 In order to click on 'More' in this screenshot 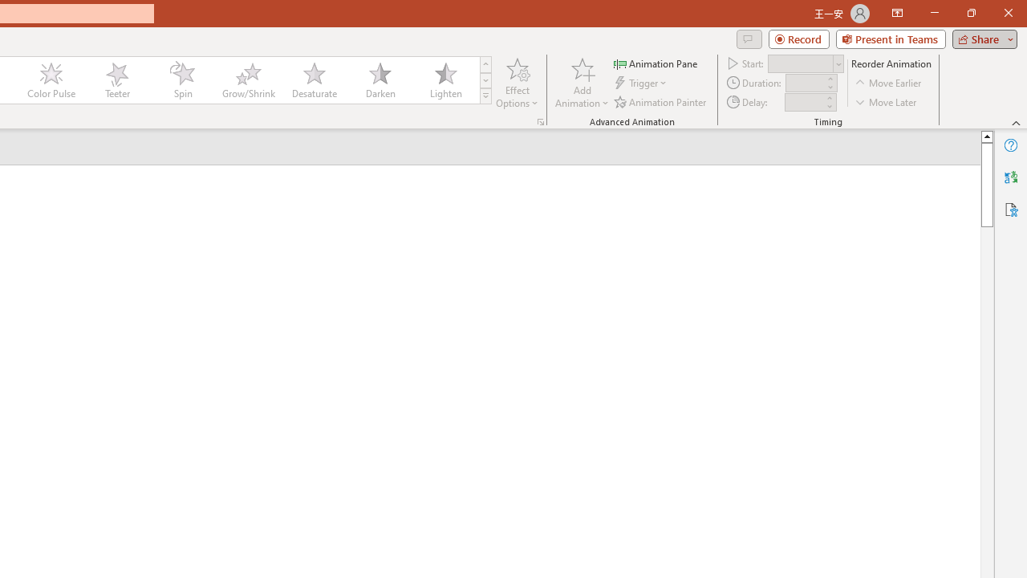, I will do `click(829, 97)`.